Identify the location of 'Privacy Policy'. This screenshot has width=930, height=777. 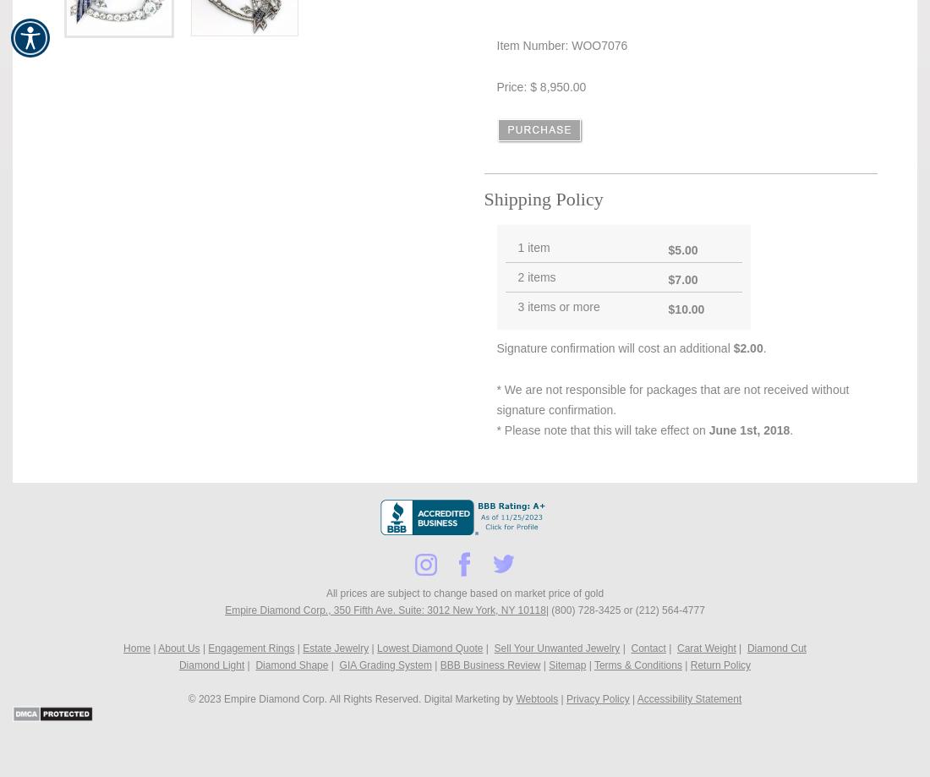
(566, 699).